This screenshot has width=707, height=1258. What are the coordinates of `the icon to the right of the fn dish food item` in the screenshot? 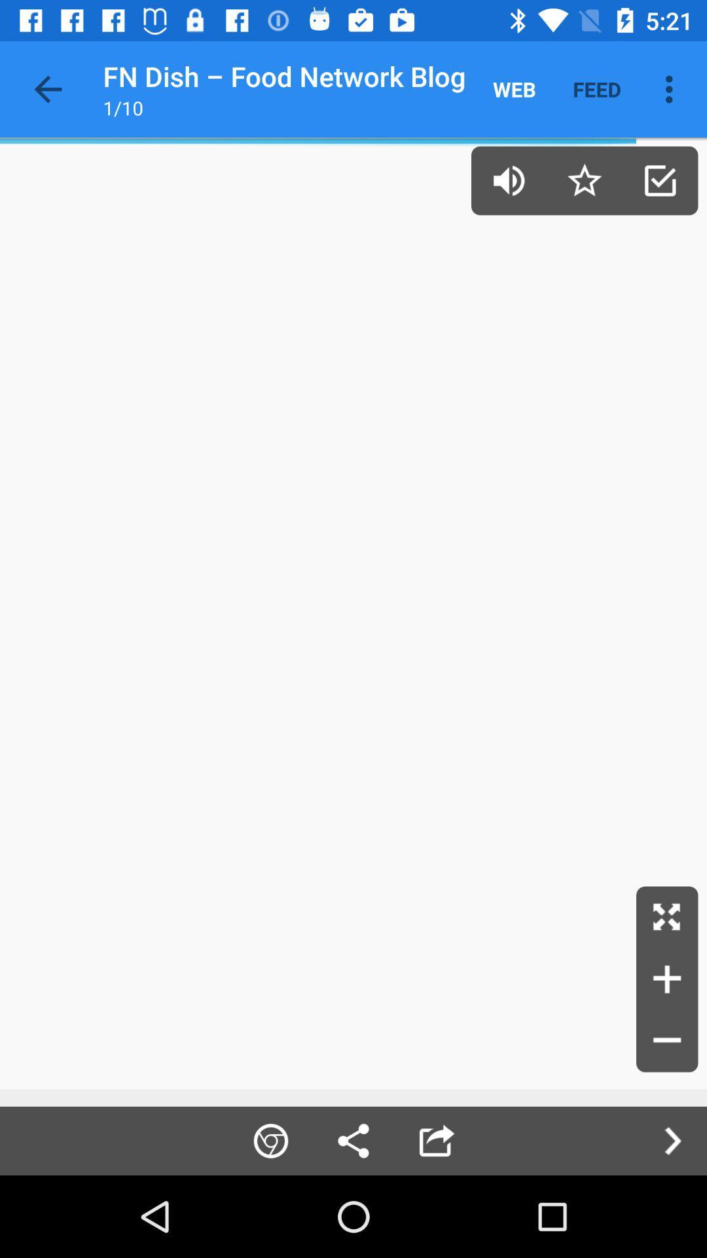 It's located at (514, 88).